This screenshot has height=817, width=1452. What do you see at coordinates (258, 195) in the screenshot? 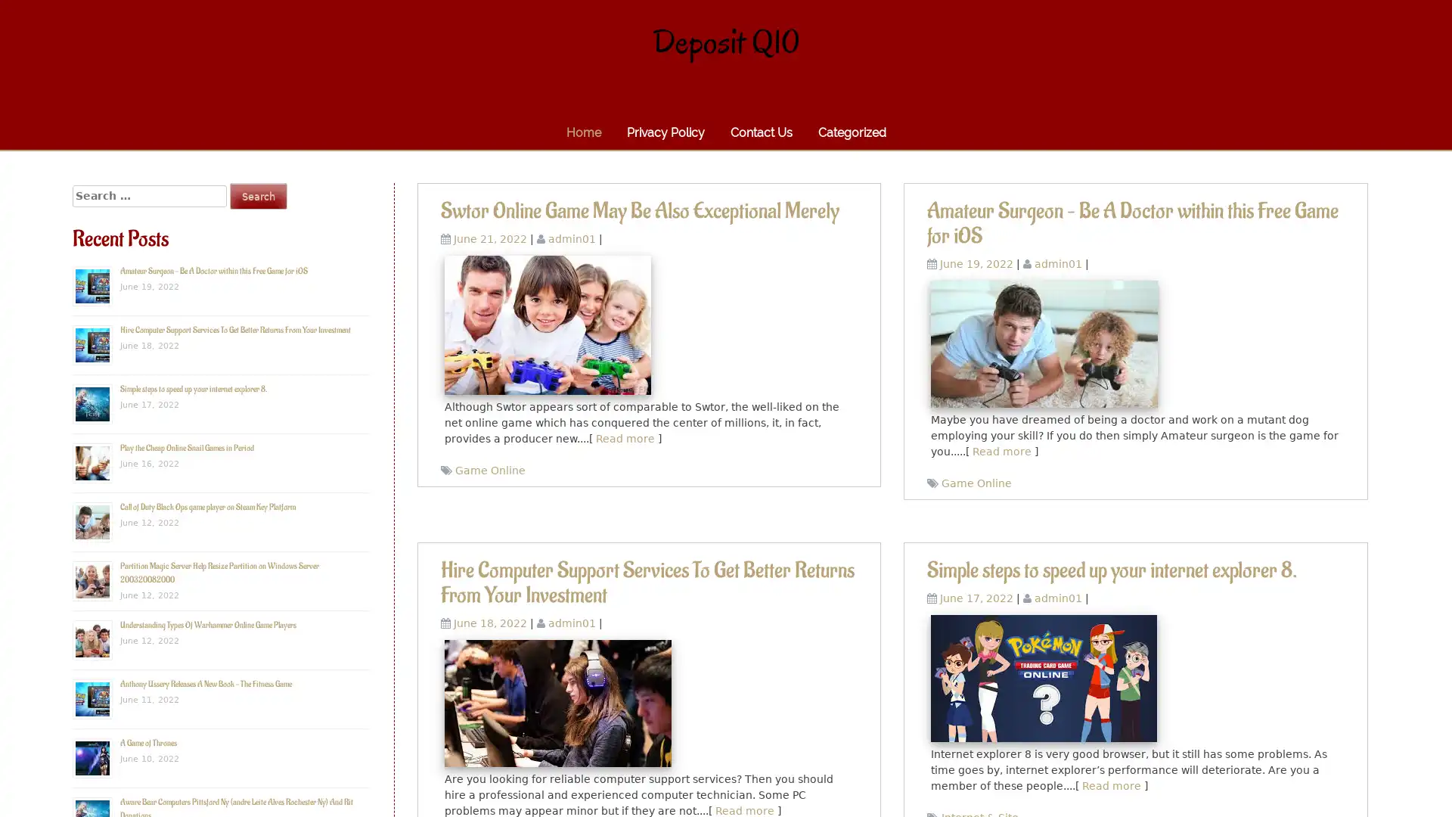
I see `Search` at bounding box center [258, 195].